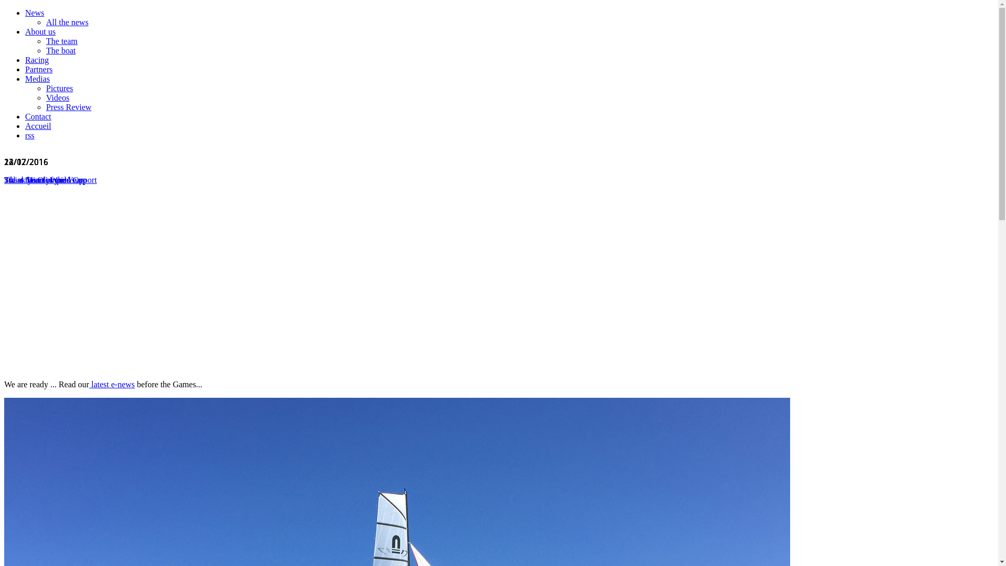 Image resolution: width=1006 pixels, height=566 pixels. I want to click on 'Pictures', so click(59, 88).